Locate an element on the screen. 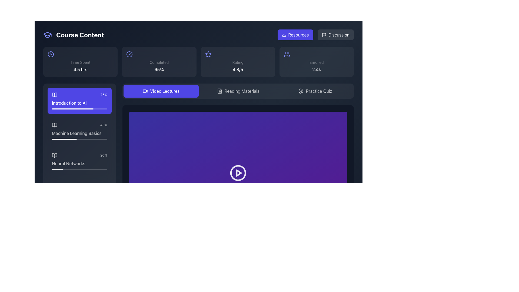 Image resolution: width=519 pixels, height=292 pixels. the text label located in the top-right area of the interface, which is part of a clickable button next to the 'Resources' button is located at coordinates (338, 35).